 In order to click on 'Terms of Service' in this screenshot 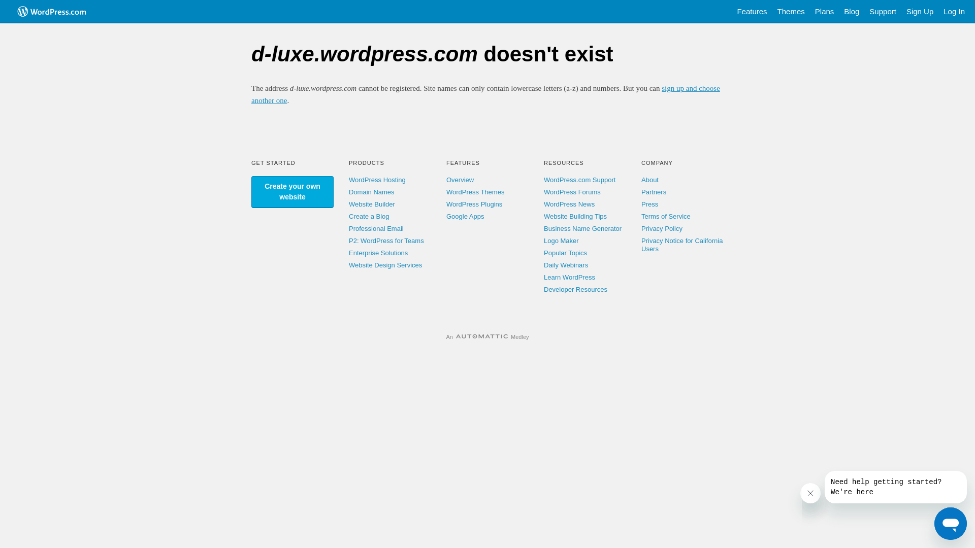, I will do `click(666, 216)`.